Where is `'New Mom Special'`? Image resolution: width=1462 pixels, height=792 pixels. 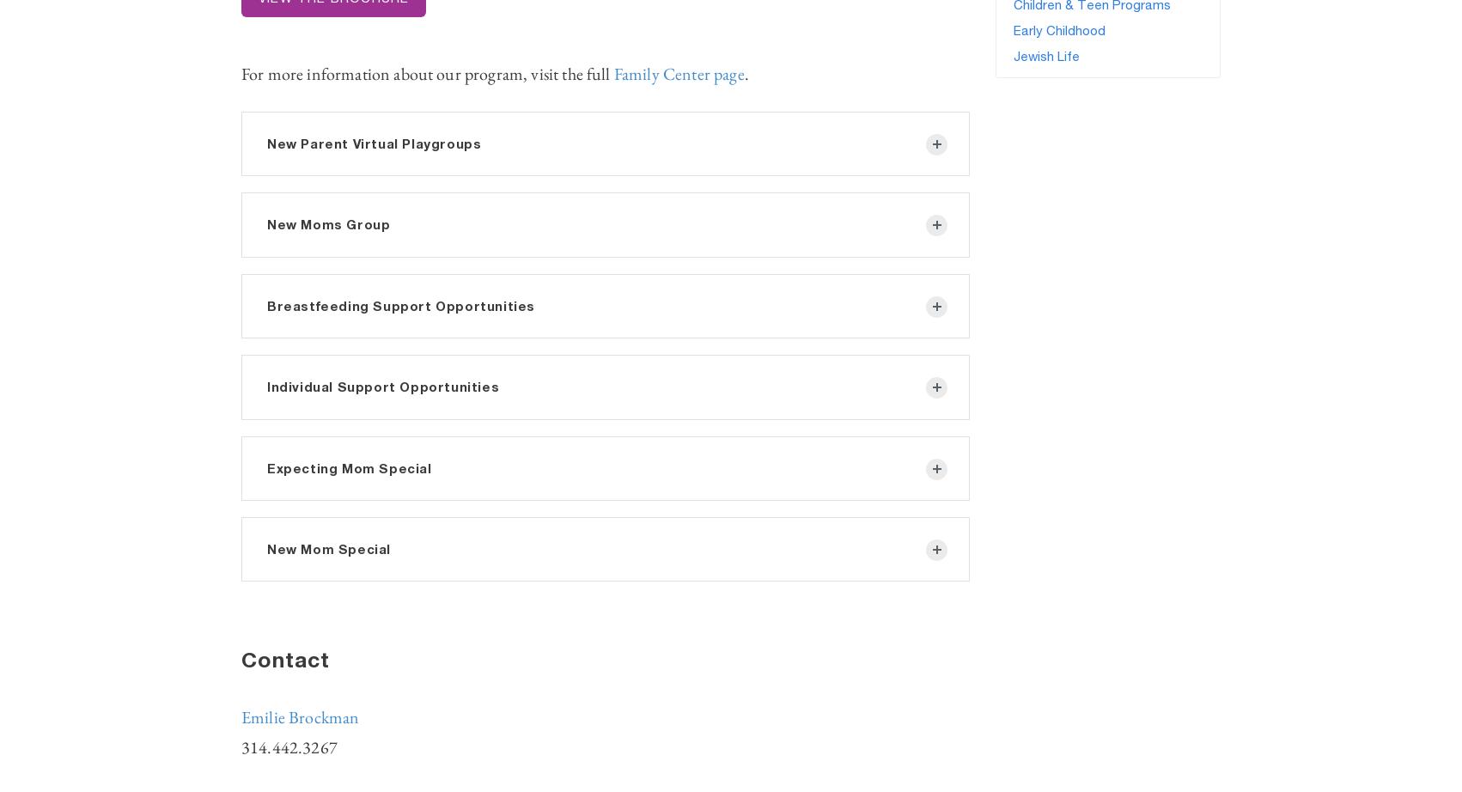 'New Mom Special' is located at coordinates (328, 550).